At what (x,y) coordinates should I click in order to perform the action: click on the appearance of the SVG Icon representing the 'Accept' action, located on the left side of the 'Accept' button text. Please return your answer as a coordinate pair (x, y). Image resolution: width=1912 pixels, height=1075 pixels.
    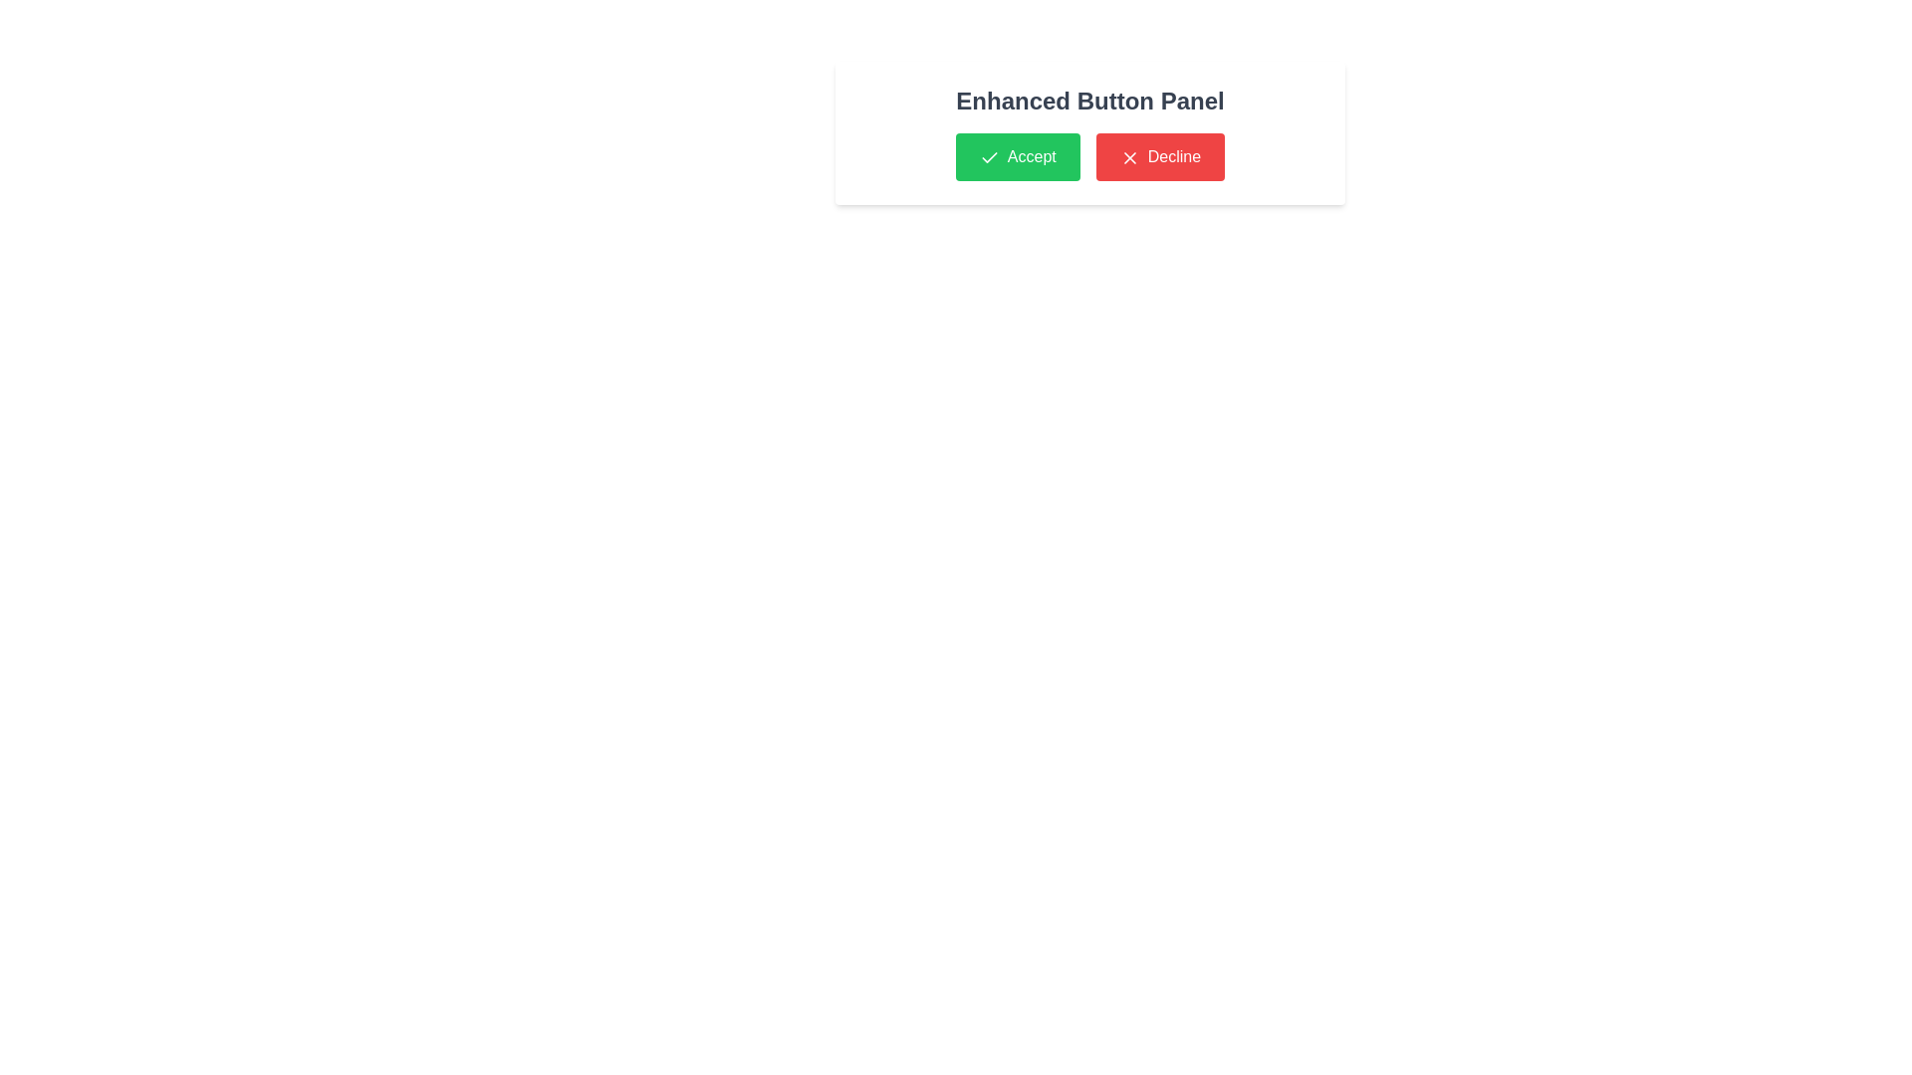
    Looking at the image, I should click on (989, 156).